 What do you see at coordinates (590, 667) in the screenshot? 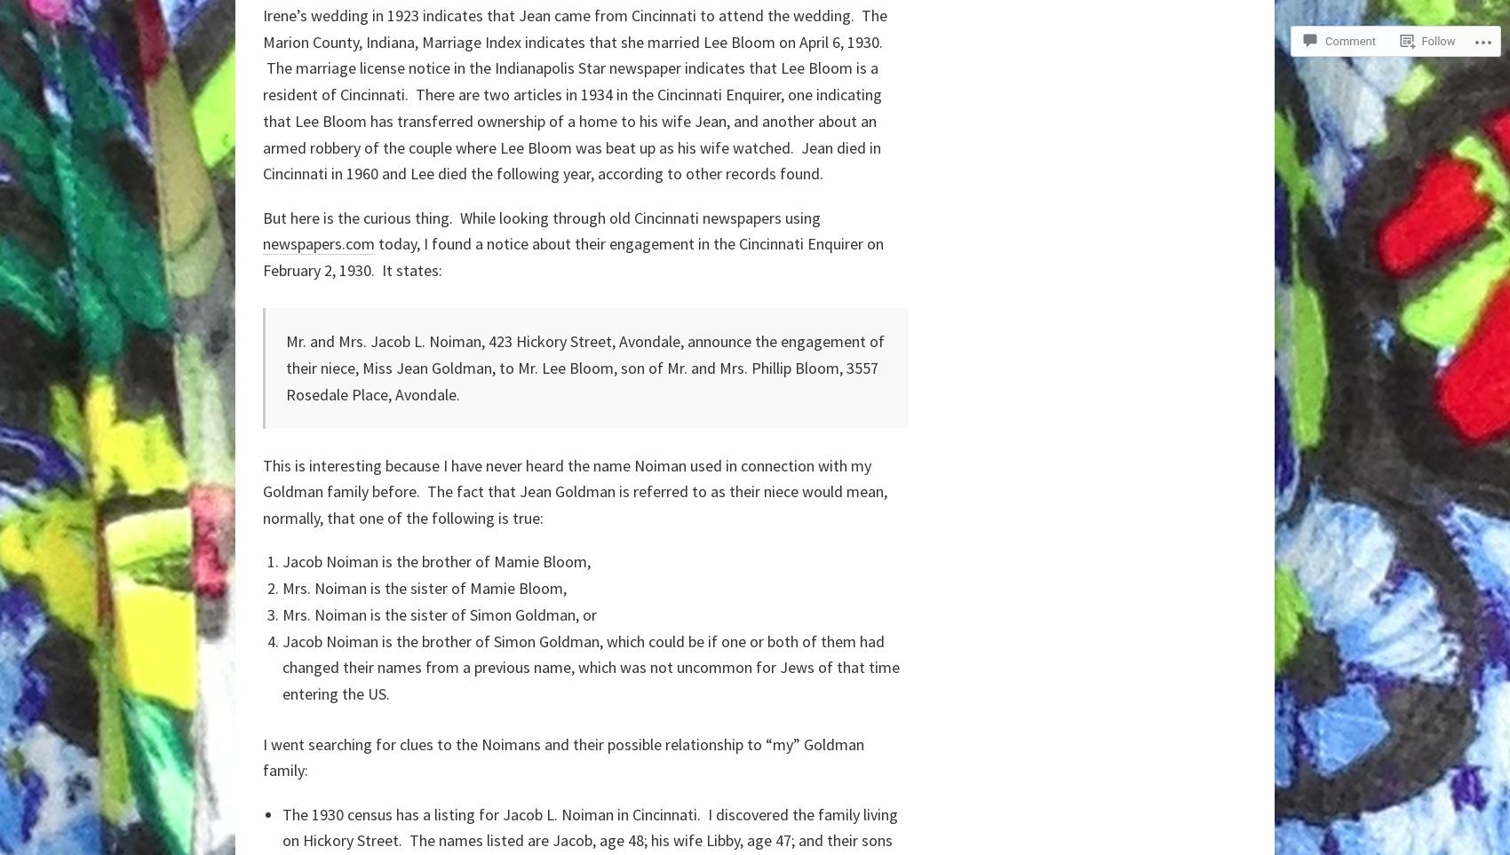
I see `'Jacob Noiman is the brother of Simon Goldman, which could be if one or both of them had changed their names from a previous name, which was not uncommon for Jews of that time entering the US.'` at bounding box center [590, 667].